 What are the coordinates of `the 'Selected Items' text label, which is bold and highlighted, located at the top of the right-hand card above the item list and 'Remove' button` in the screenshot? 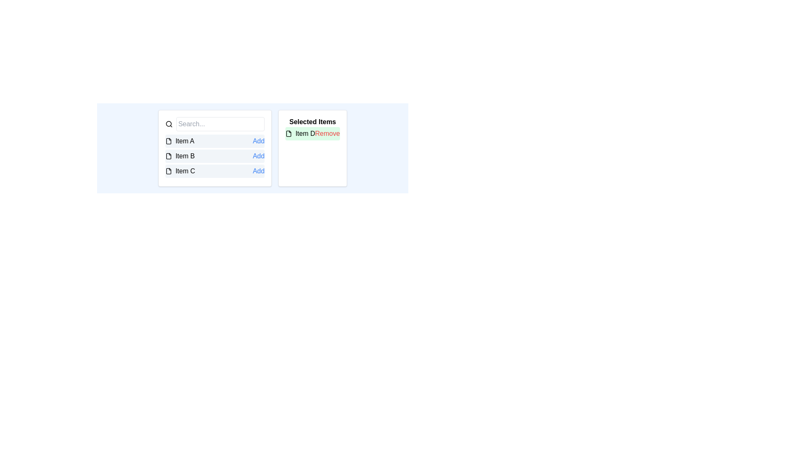 It's located at (312, 122).